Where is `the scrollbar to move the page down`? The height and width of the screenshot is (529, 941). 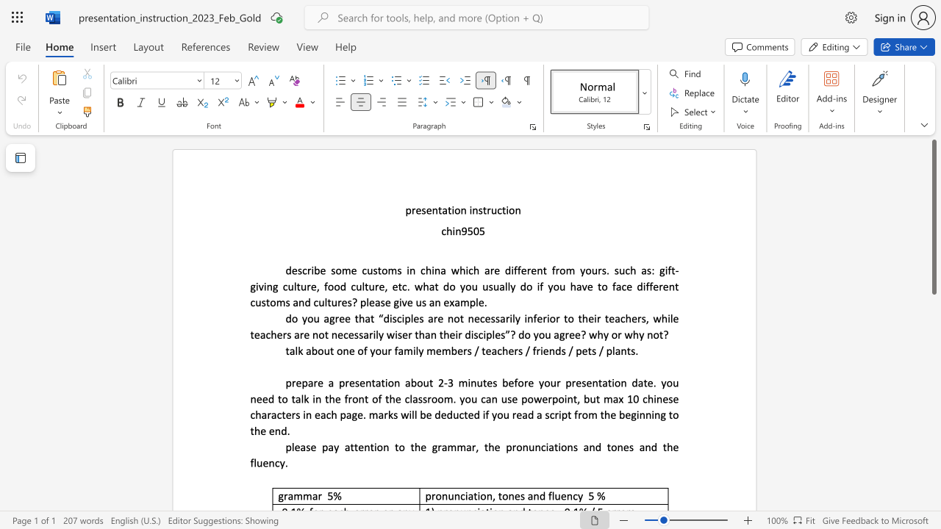 the scrollbar to move the page down is located at coordinates (933, 345).